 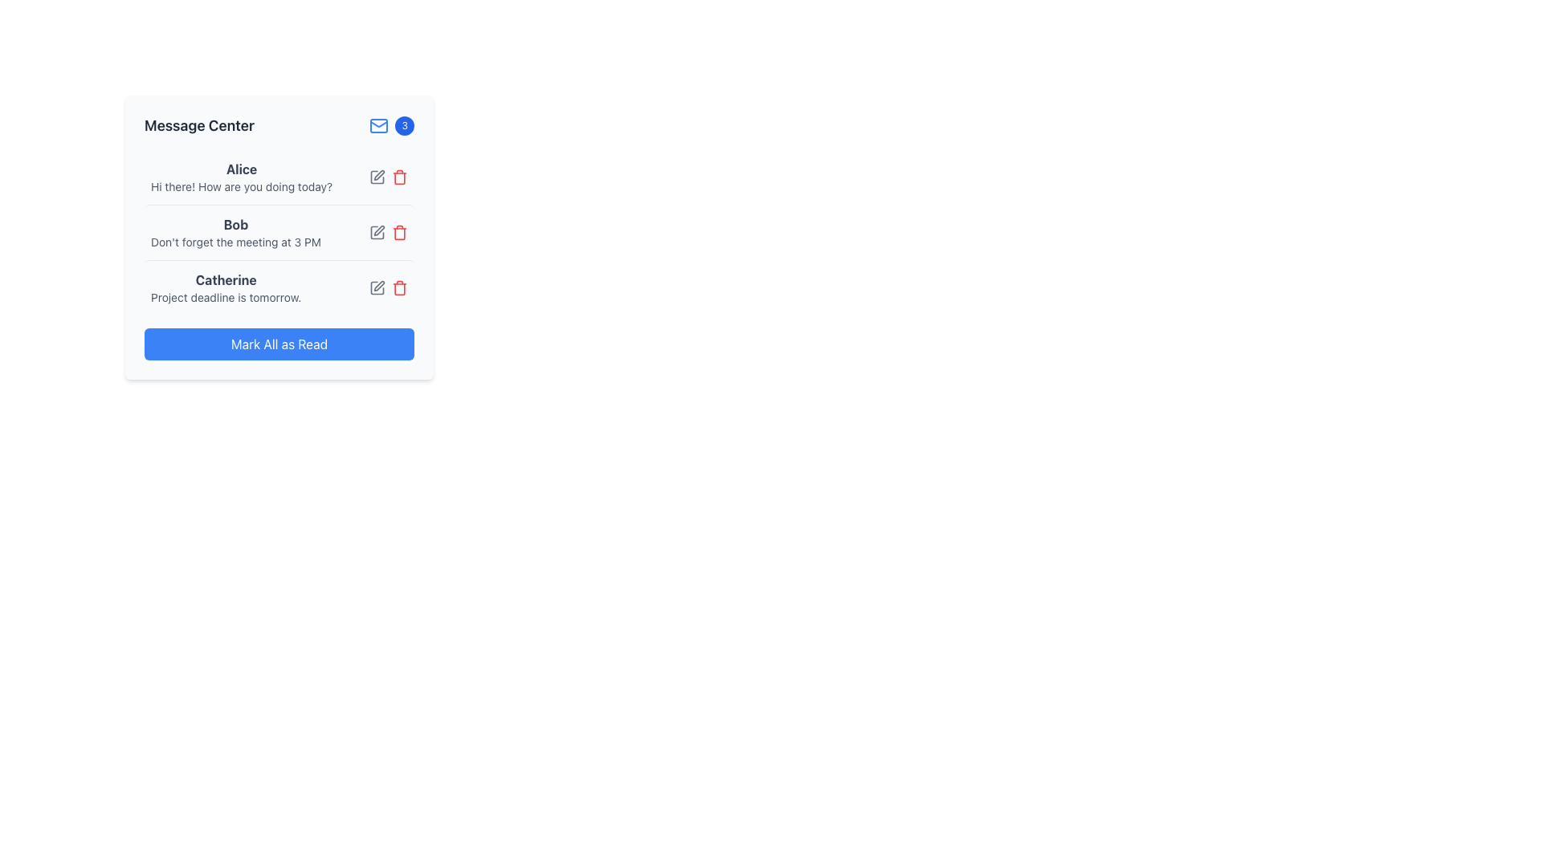 I want to click on the outer square of the pen icon associated with the message 'Catherine: Project deadline is tomorrow.', so click(x=377, y=287).